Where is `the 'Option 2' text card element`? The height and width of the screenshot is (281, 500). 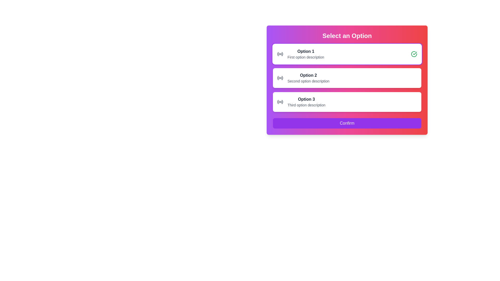
the 'Option 2' text card element is located at coordinates (308, 78).